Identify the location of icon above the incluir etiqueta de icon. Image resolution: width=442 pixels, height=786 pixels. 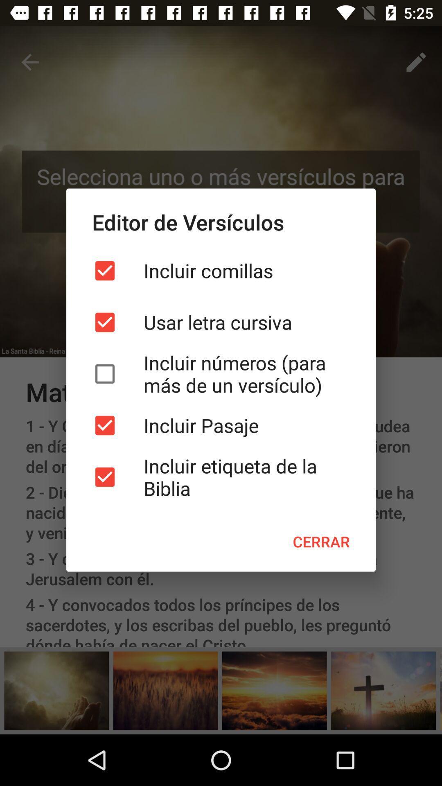
(221, 425).